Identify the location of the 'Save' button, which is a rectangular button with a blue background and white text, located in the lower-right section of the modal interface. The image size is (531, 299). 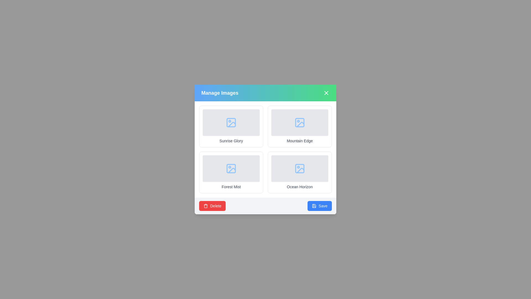
(320, 206).